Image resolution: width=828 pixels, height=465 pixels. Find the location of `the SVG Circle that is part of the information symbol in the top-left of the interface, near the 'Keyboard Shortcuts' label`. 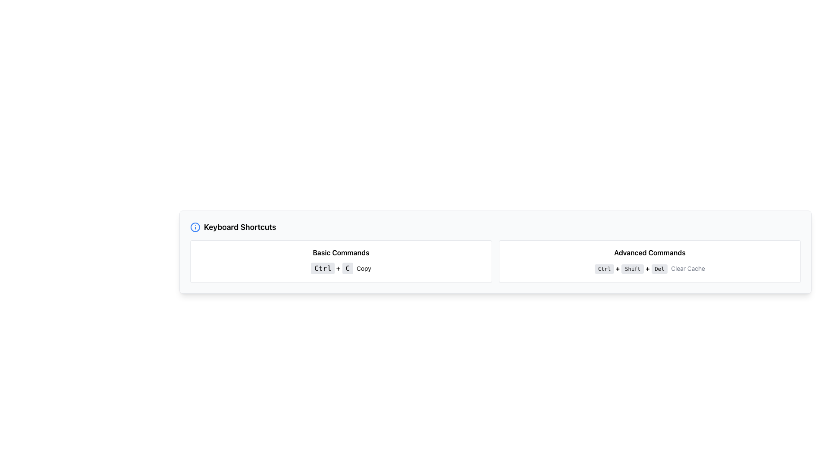

the SVG Circle that is part of the information symbol in the top-left of the interface, near the 'Keyboard Shortcuts' label is located at coordinates (194, 227).